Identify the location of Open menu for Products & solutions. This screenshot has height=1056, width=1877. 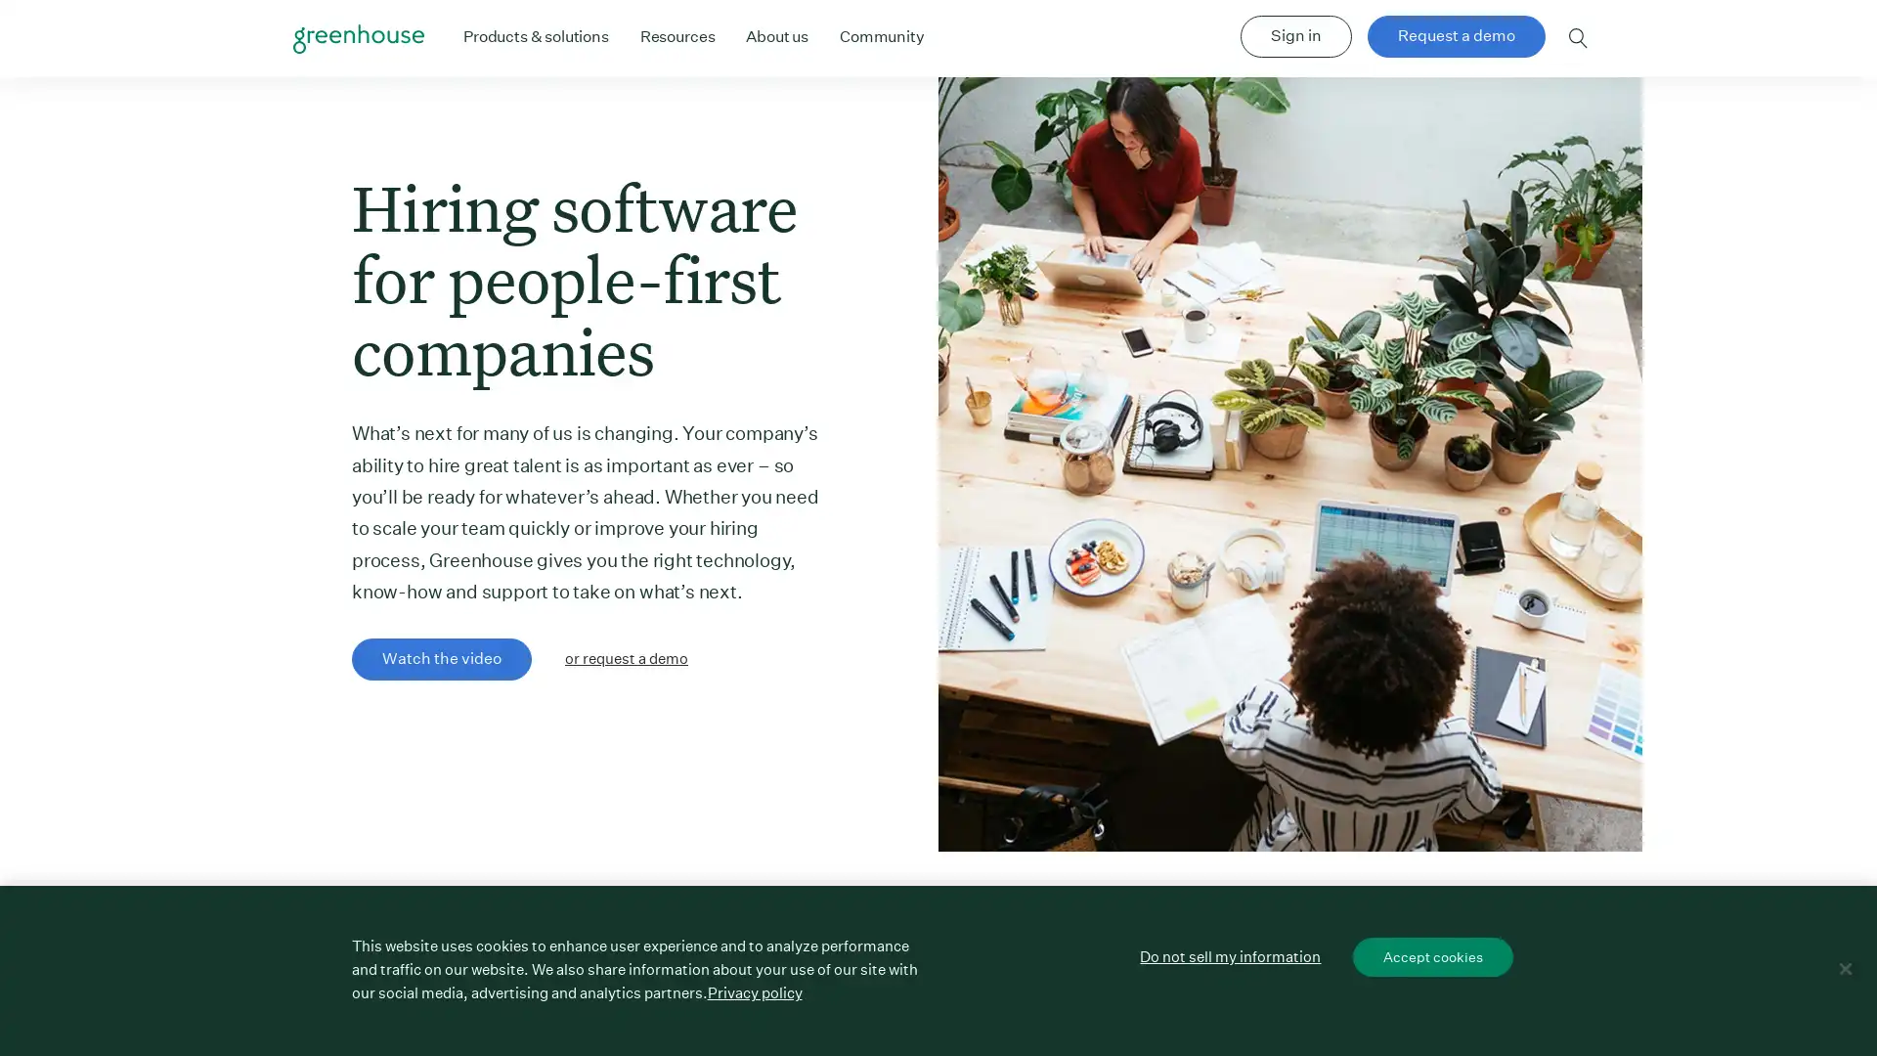
(535, 36).